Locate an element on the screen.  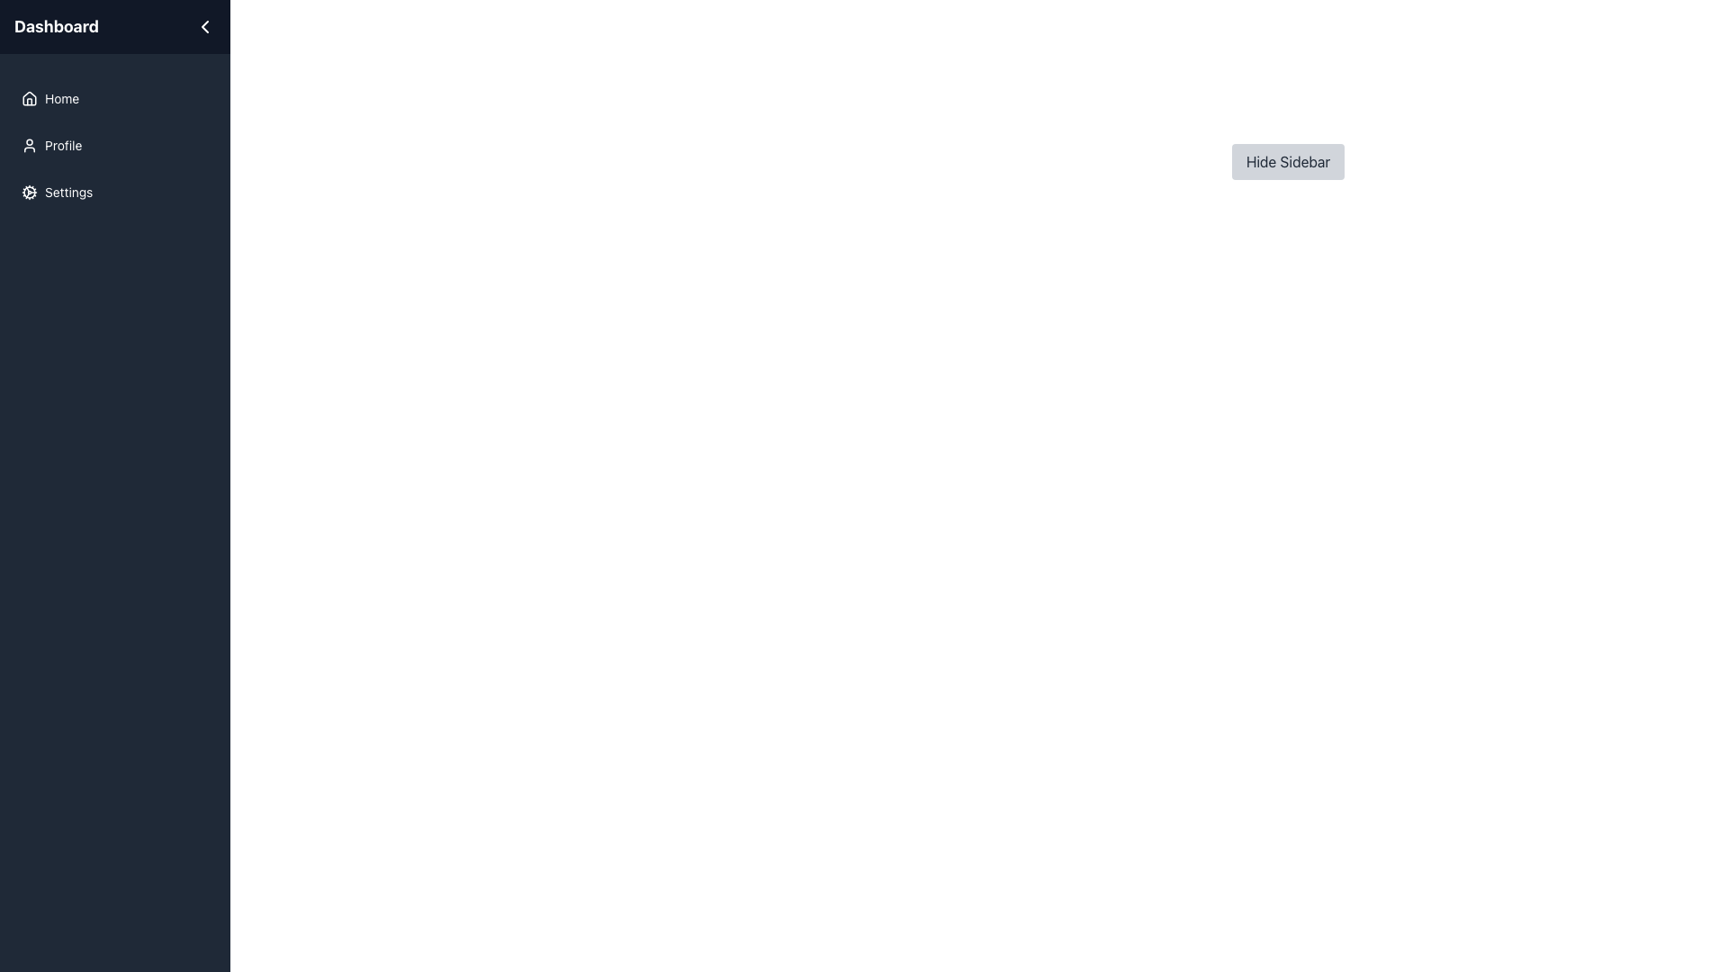
the 'Home' icon located at the top of the vertical navigation menu on the left side of the interface is located at coordinates (30, 97).